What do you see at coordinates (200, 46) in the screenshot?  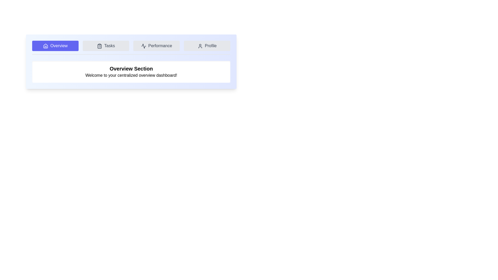 I see `the decorative icon located to the left of the 'Profile' text label in the fourth tab of the top navigation bar, reinforcing the purpose of the 'Profile' button` at bounding box center [200, 46].